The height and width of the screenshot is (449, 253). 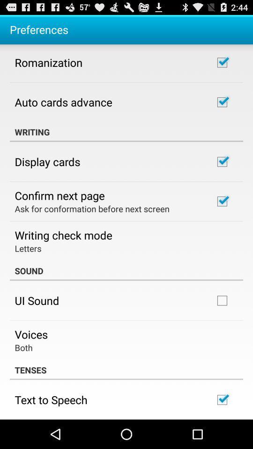 I want to click on both icon, so click(x=23, y=347).